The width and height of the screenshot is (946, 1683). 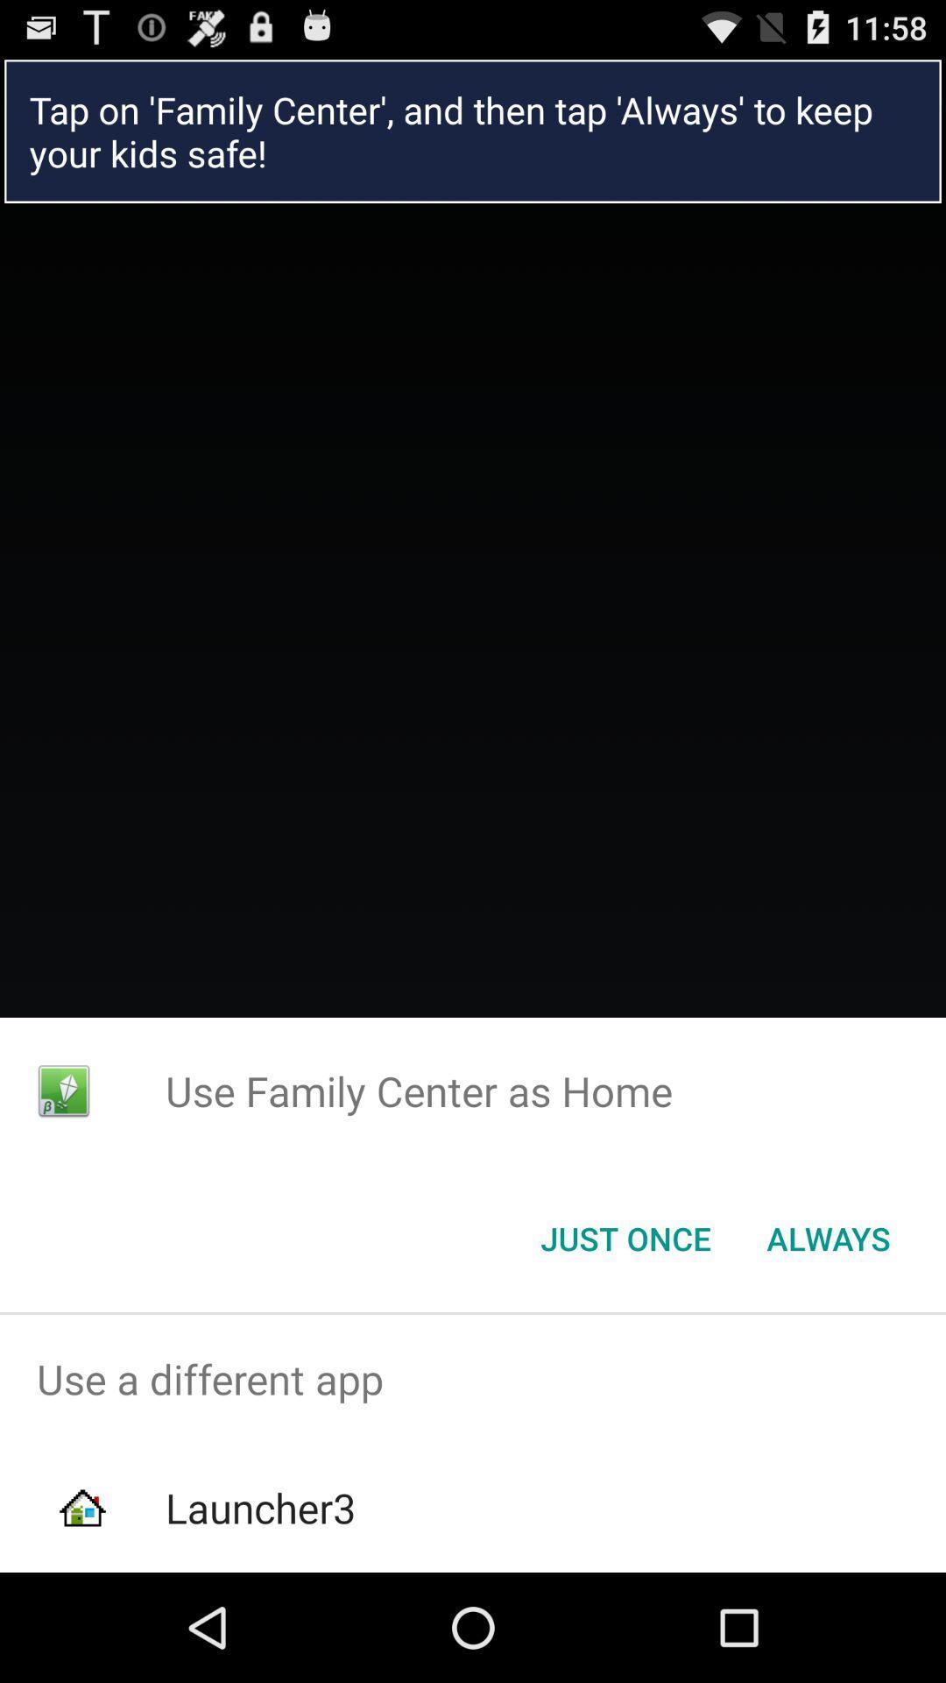 I want to click on the always item, so click(x=828, y=1237).